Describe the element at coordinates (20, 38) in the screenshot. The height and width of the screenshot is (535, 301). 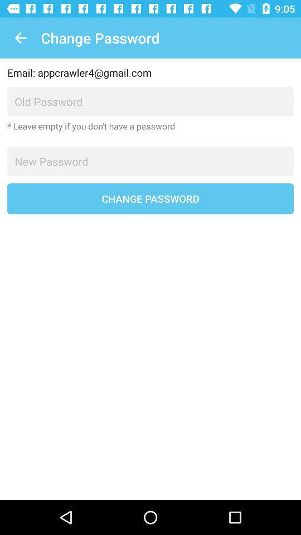
I see `icon at the top left corner` at that location.